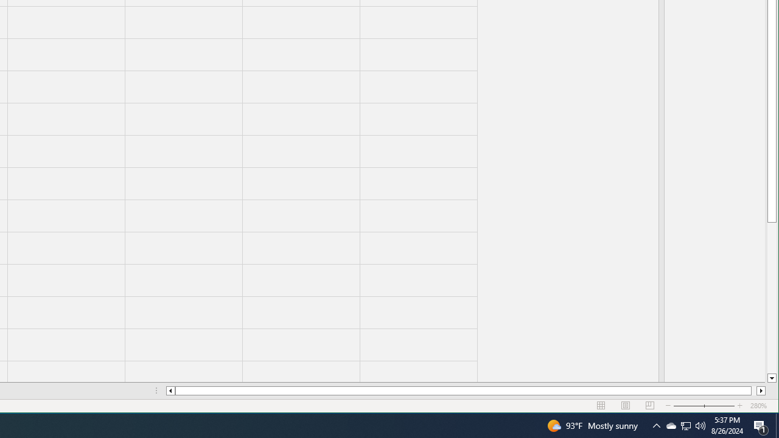 Image resolution: width=779 pixels, height=438 pixels. What do you see at coordinates (686, 425) in the screenshot?
I see `'Q2790: 100%'` at bounding box center [686, 425].